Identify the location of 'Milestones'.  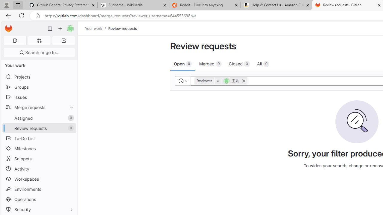
(39, 148).